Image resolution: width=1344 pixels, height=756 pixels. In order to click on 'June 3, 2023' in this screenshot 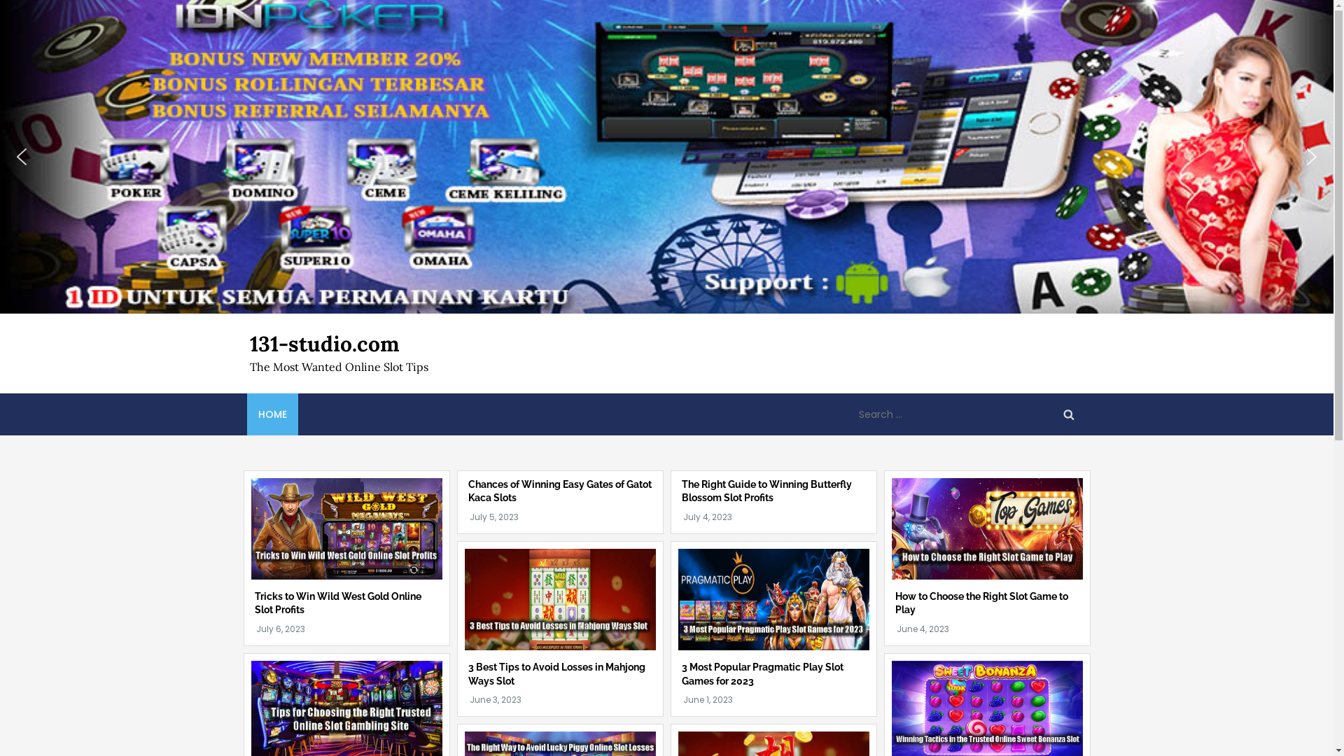, I will do `click(494, 699)`.